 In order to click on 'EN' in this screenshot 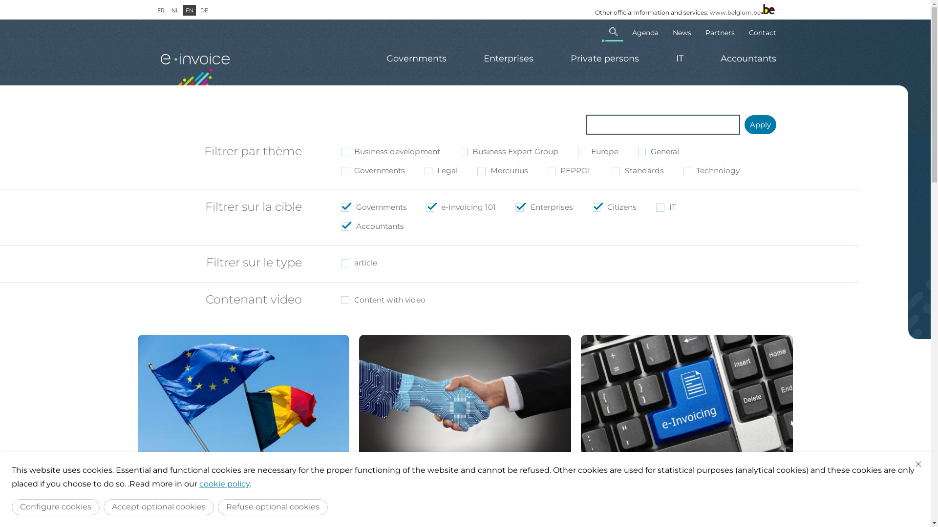, I will do `click(189, 10)`.